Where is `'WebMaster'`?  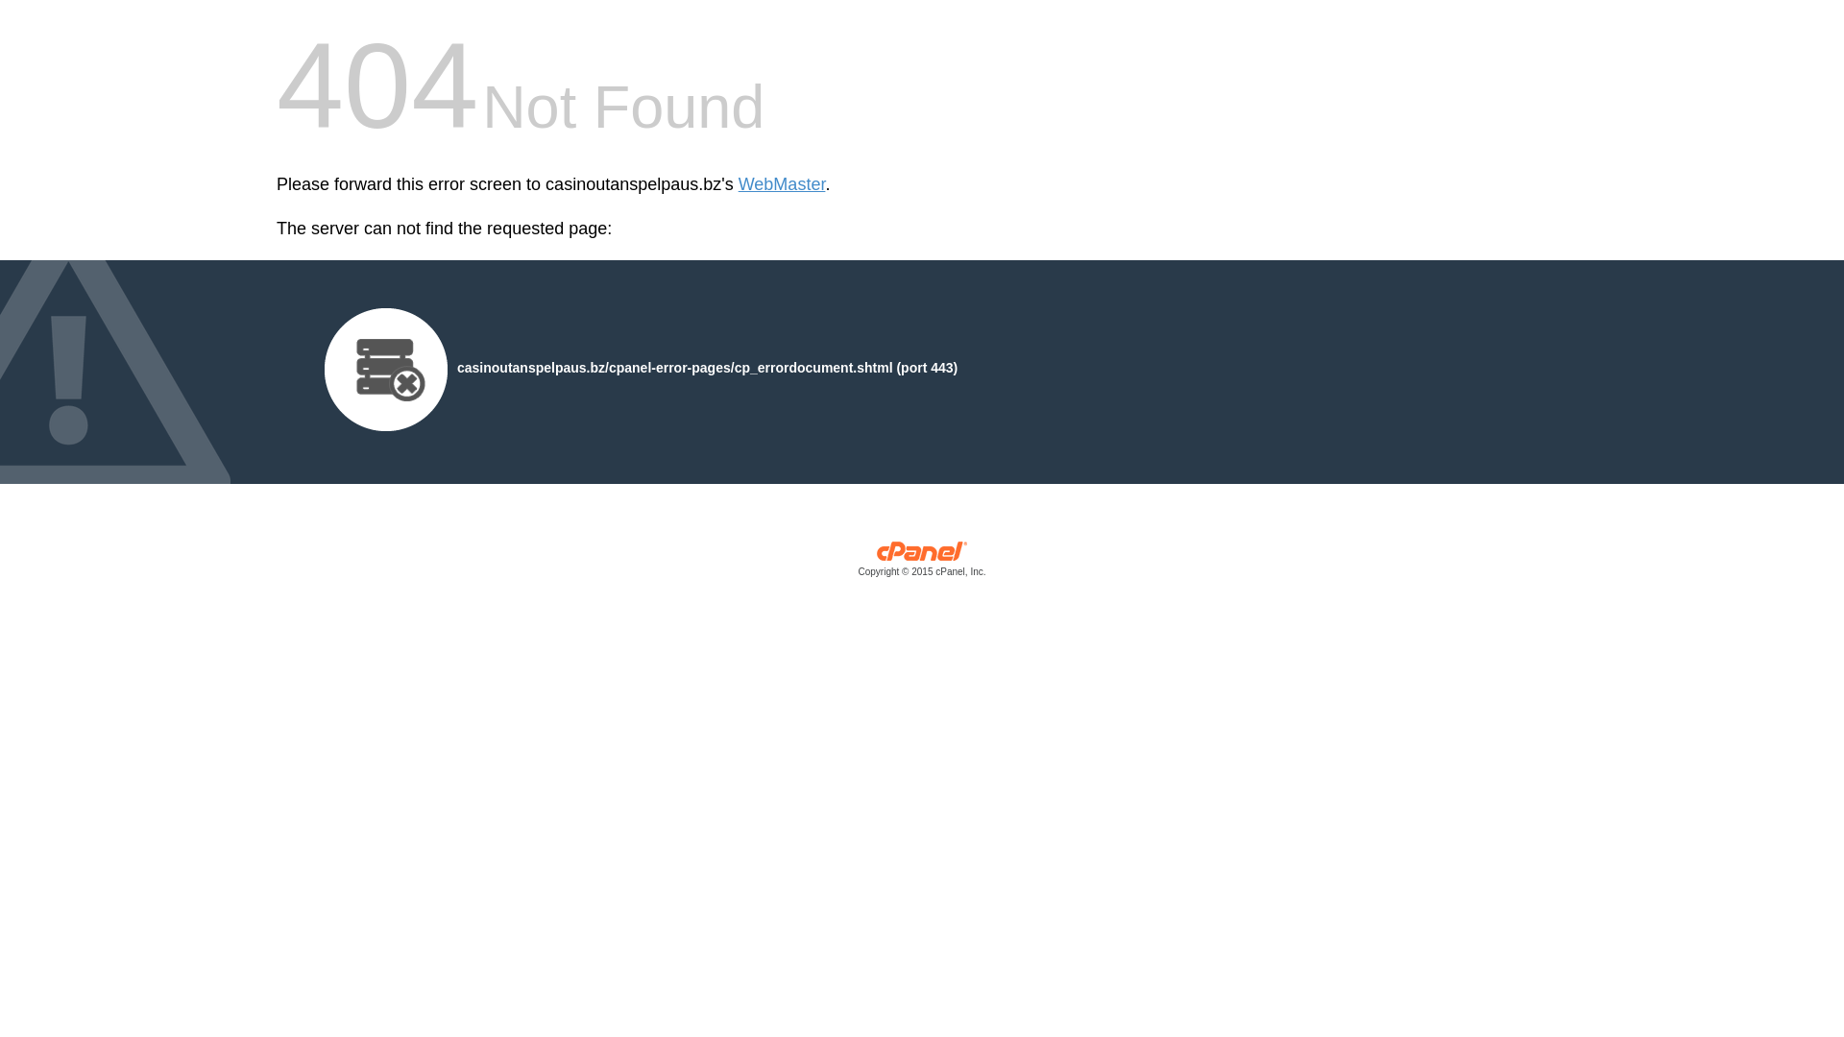
'WebMaster' is located at coordinates (737, 184).